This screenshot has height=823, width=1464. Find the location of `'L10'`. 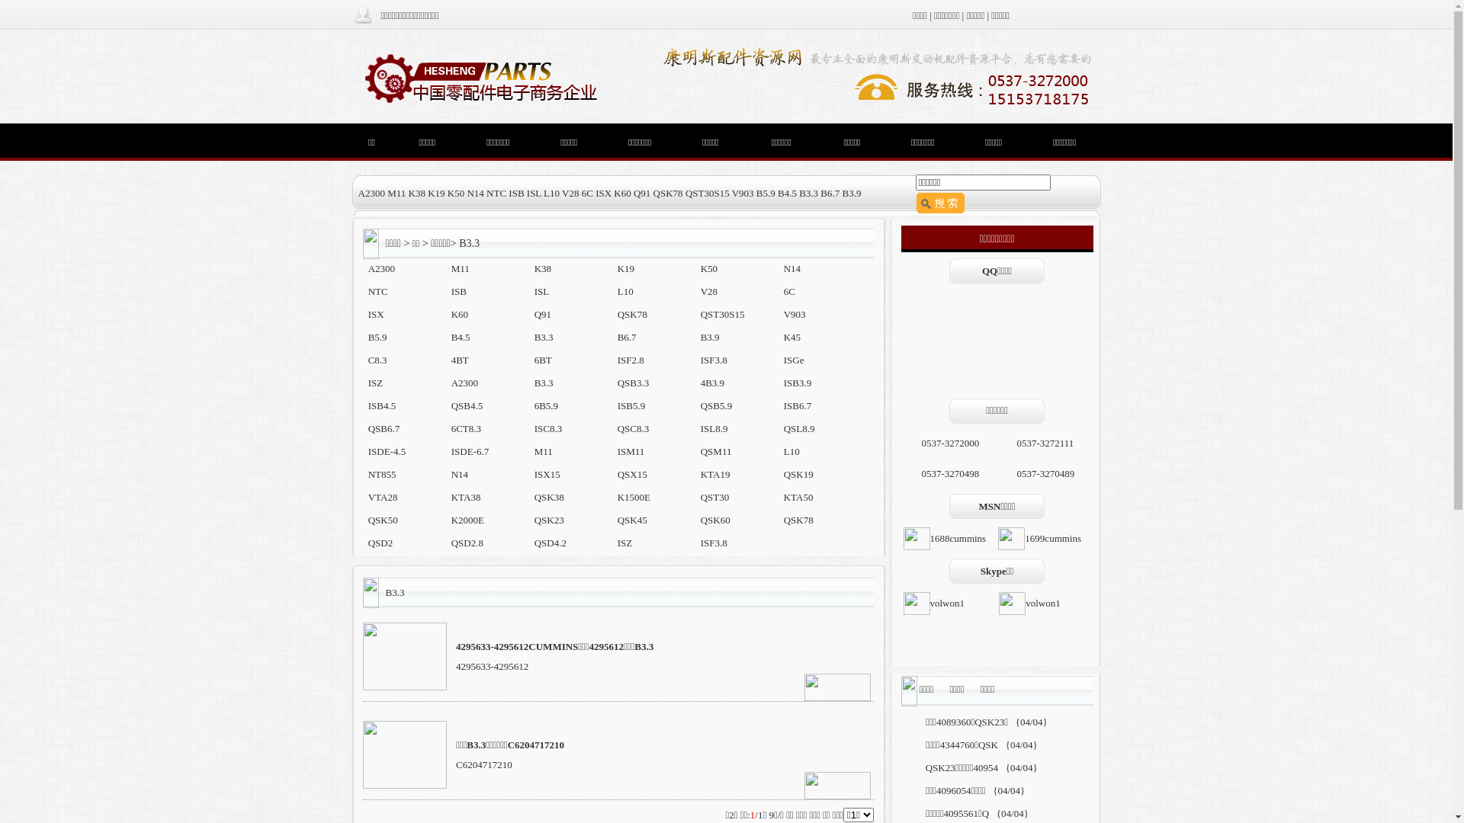

'L10' is located at coordinates (625, 291).